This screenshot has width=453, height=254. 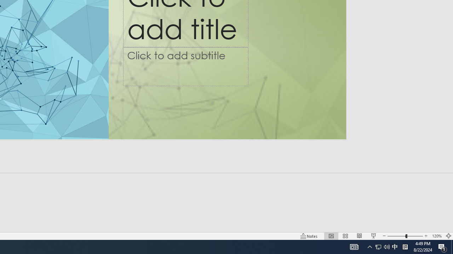 What do you see at coordinates (426, 236) in the screenshot?
I see `'Zoom In'` at bounding box center [426, 236].